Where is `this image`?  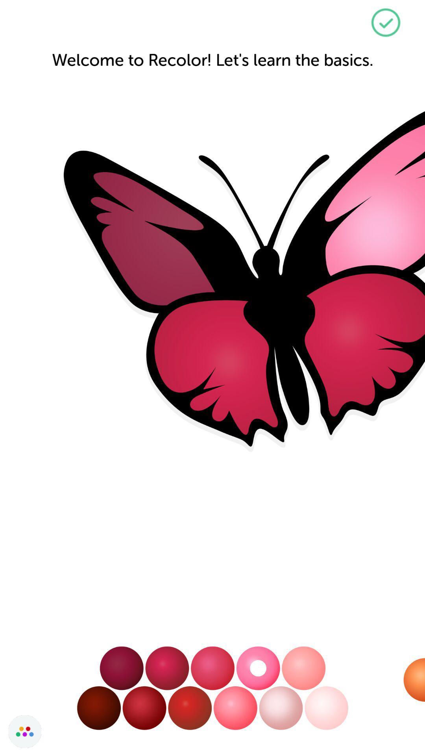
this image is located at coordinates (385, 22).